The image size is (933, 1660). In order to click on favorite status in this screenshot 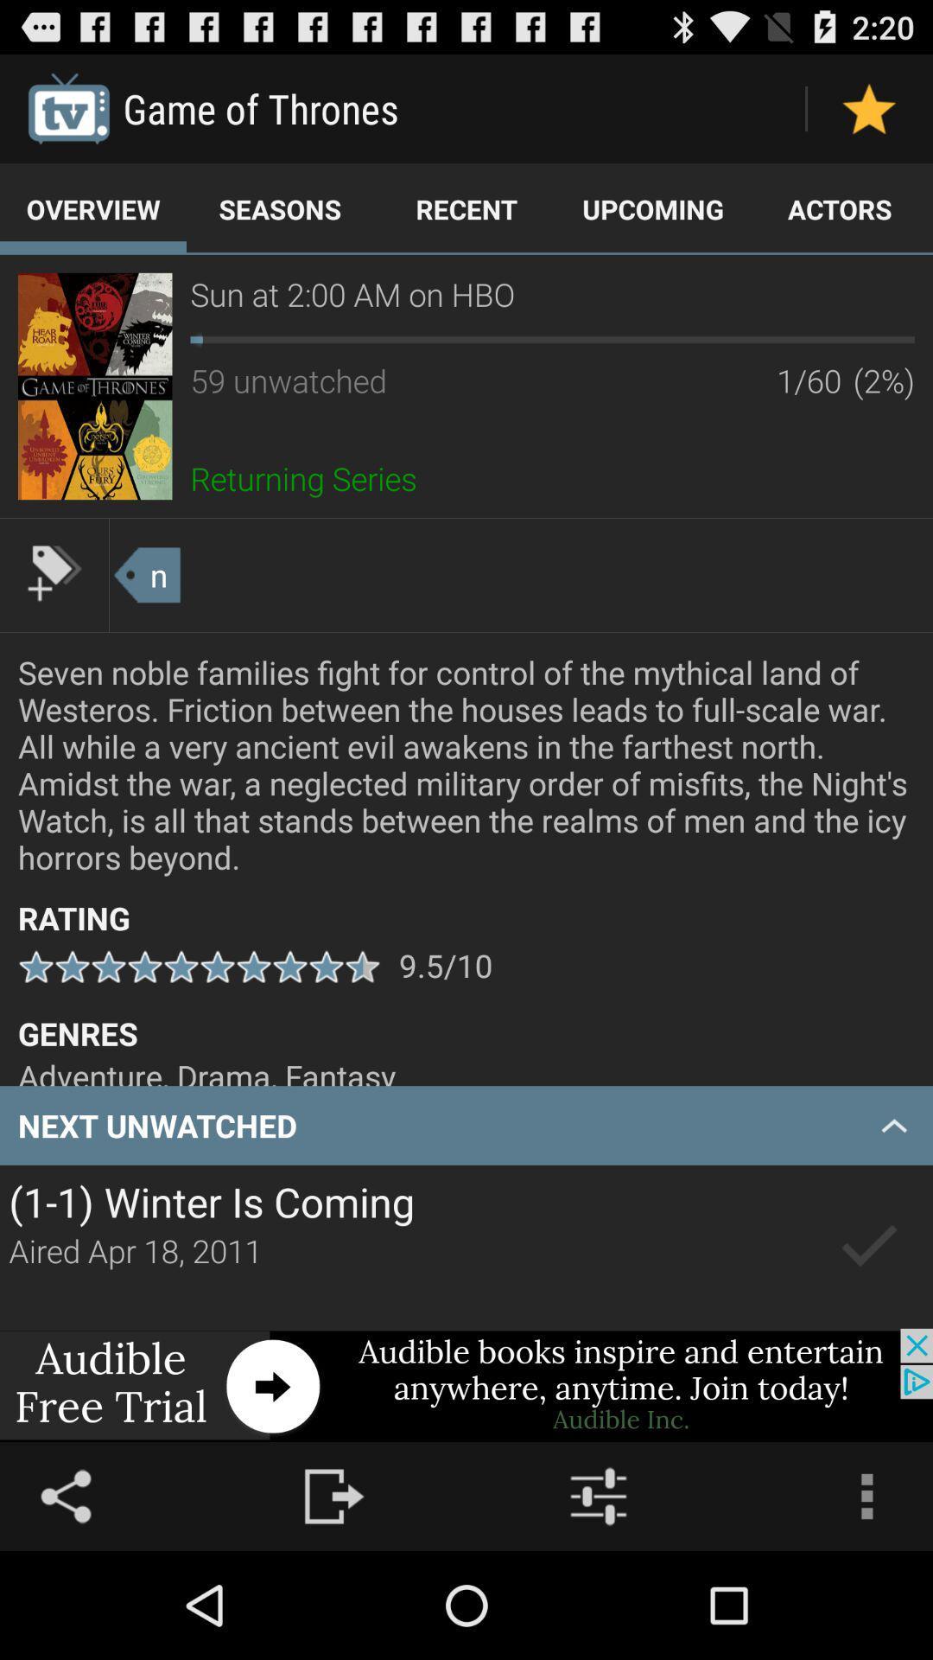, I will do `click(869, 107)`.